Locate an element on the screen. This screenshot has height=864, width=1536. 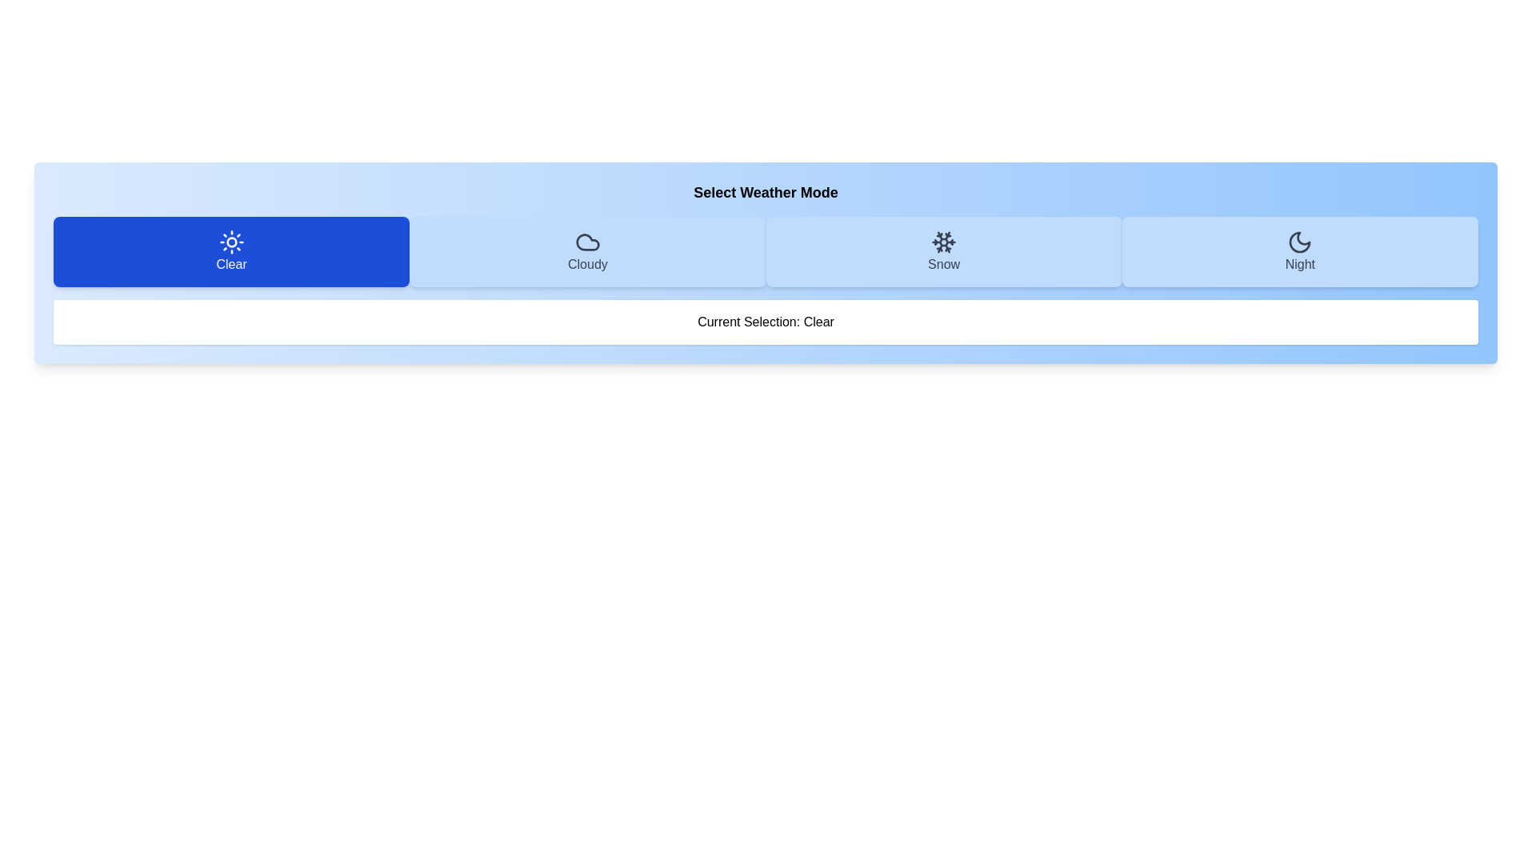
the button corresponding to the weather mode Snow is located at coordinates (944, 252).